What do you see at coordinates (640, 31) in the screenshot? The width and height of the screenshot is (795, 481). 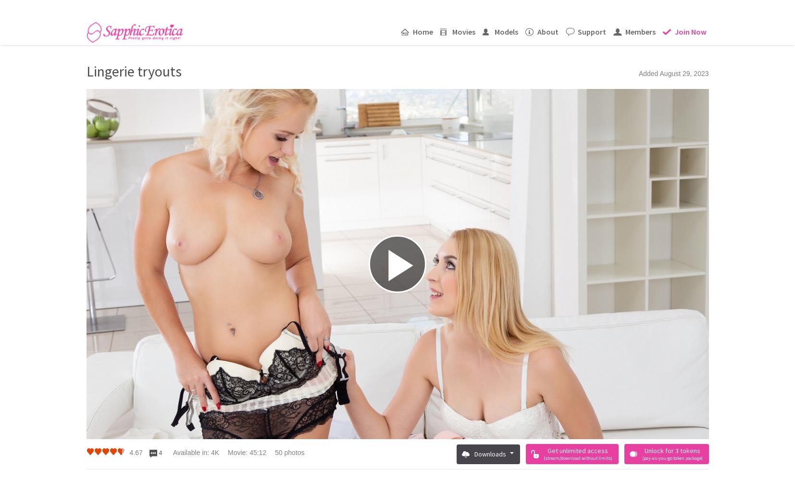 I see `'Members'` at bounding box center [640, 31].